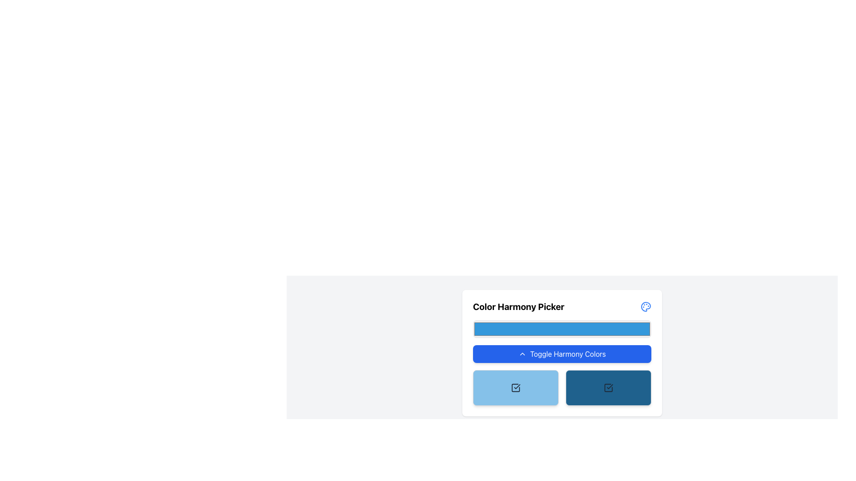 The image size is (856, 481). Describe the element at coordinates (562, 353) in the screenshot. I see `the 'Toggle Harmony Colors' button within the color harmony options component` at that location.